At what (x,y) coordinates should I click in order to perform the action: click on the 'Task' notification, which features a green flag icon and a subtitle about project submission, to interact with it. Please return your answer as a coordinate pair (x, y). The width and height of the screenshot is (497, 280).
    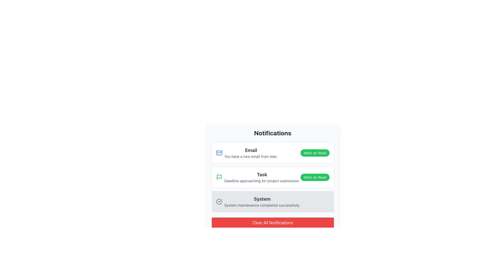
    Looking at the image, I should click on (258, 177).